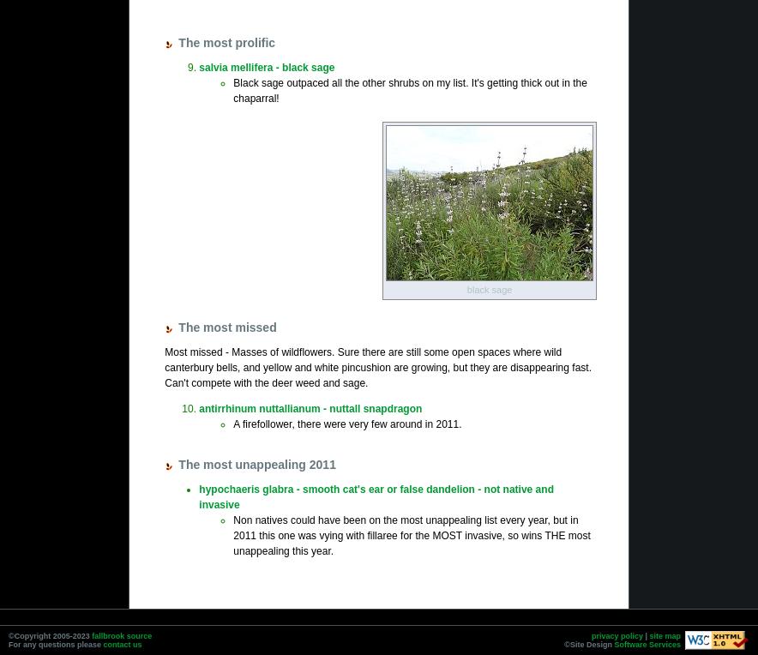 Image resolution: width=758 pixels, height=655 pixels. I want to click on 'Black sage outpaced all the other shrubs on my list. It's getting 
thick out in the chaparral!', so click(409, 89).